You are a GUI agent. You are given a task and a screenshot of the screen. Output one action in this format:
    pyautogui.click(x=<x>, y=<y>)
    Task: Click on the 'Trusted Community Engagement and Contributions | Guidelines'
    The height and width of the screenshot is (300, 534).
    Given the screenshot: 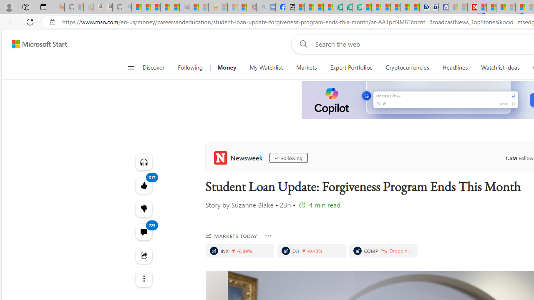 What is the action you would take?
    pyautogui.click(x=482, y=7)
    